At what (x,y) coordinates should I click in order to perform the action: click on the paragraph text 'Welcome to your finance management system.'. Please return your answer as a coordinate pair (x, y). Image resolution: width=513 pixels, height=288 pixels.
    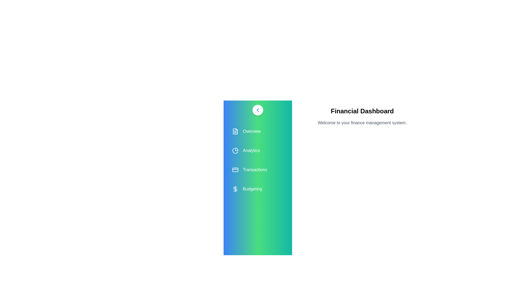
    Looking at the image, I should click on (362, 123).